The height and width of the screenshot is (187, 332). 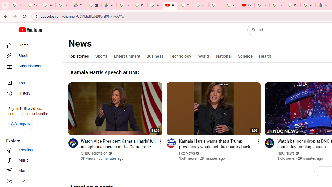 I want to click on 'Privacy Checkup', so click(x=155, y=5).